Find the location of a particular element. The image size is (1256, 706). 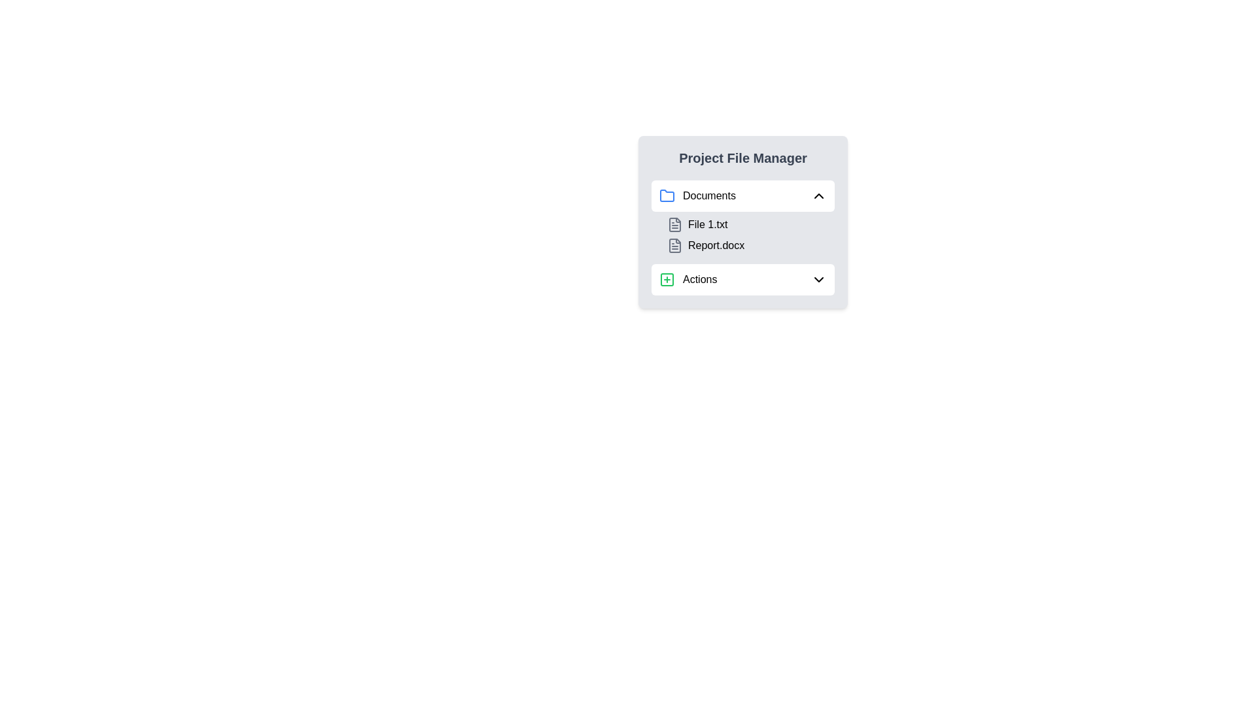

the folder icon located in the 'Documents' group, which is the first item before the 'Documents' text label is located at coordinates (667, 196).